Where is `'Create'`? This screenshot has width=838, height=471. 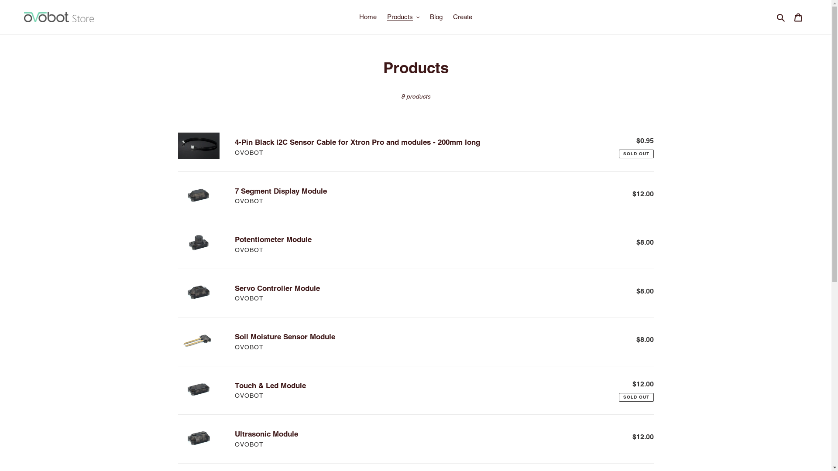 'Create' is located at coordinates (462, 17).